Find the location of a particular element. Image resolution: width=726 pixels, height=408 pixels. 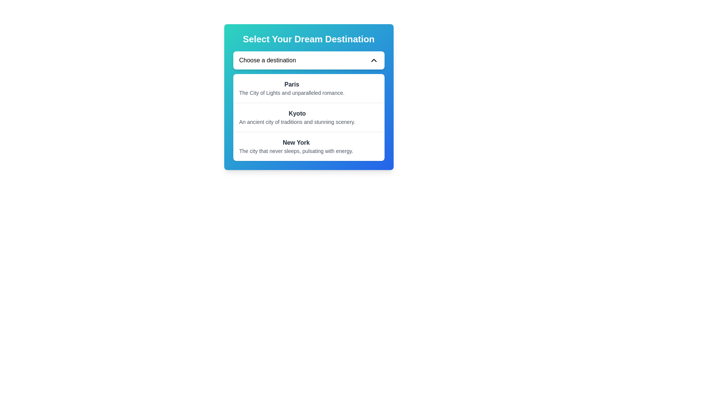

the descriptive tagline for the New York option in the destination selector, which is located beneath the larger 'New York' text is located at coordinates (296, 151).